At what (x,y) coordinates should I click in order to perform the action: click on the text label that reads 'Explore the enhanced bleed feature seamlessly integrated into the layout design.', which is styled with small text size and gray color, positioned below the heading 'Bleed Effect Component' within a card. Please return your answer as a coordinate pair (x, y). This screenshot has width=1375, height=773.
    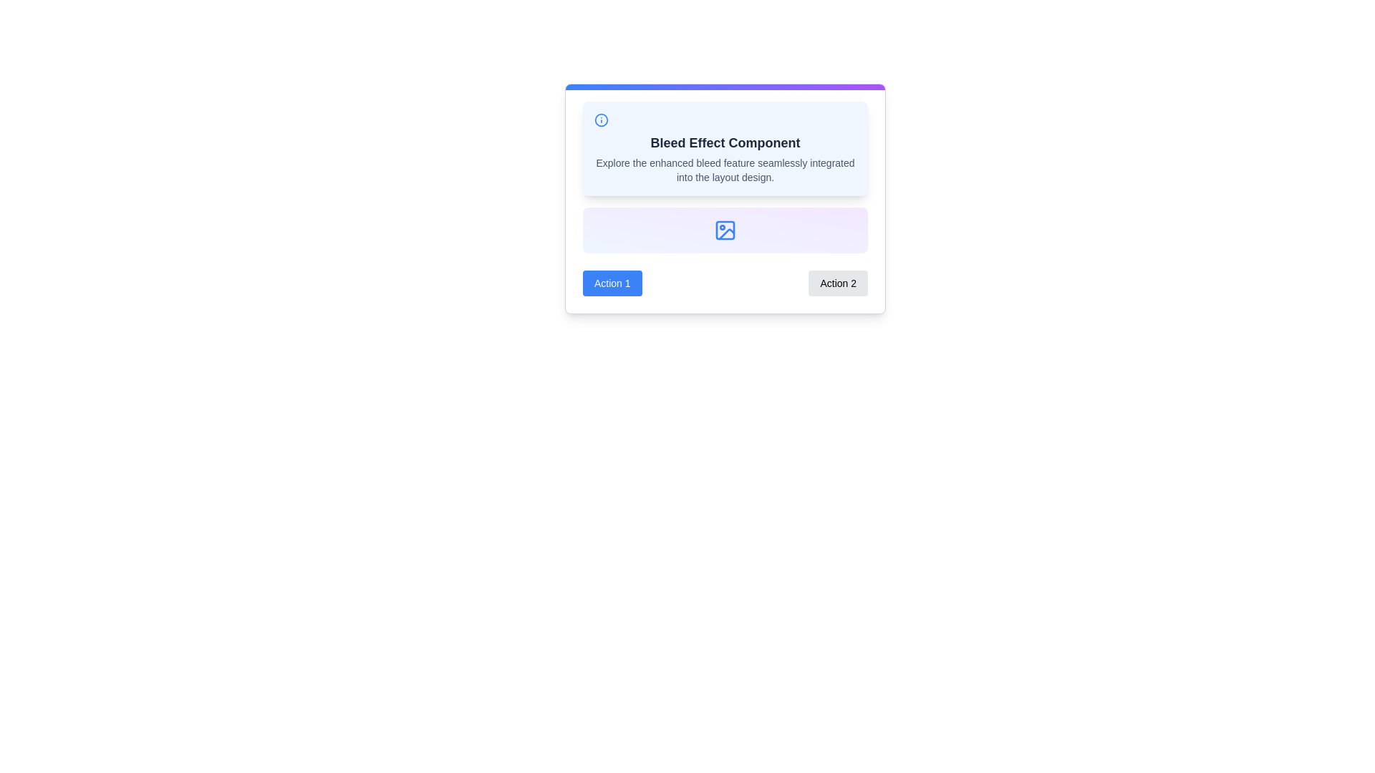
    Looking at the image, I should click on (725, 170).